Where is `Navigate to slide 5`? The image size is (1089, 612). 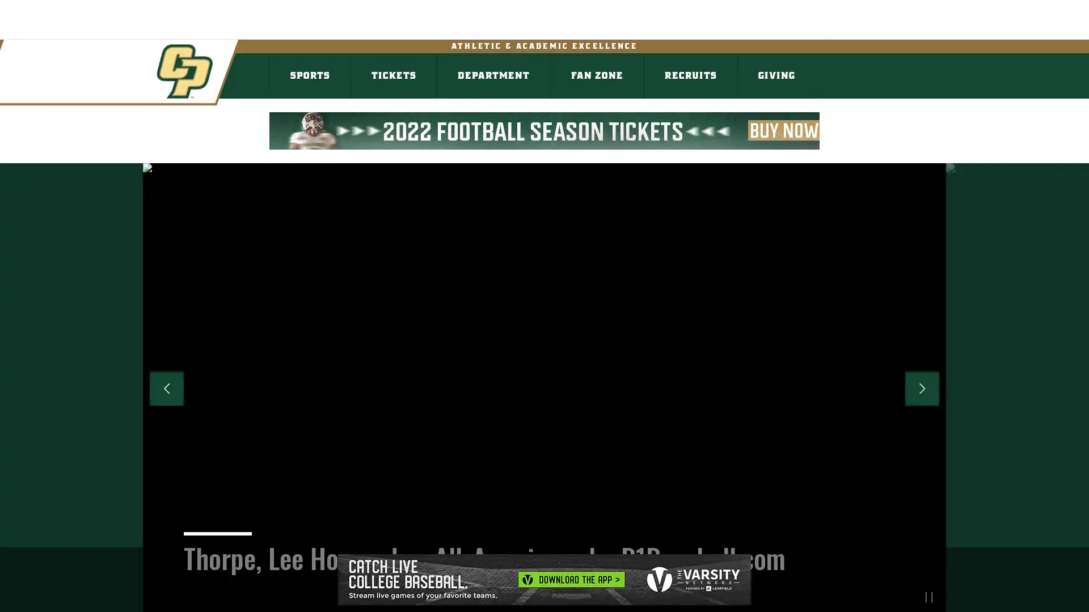 Navigate to slide 5 is located at coordinates (575, 596).